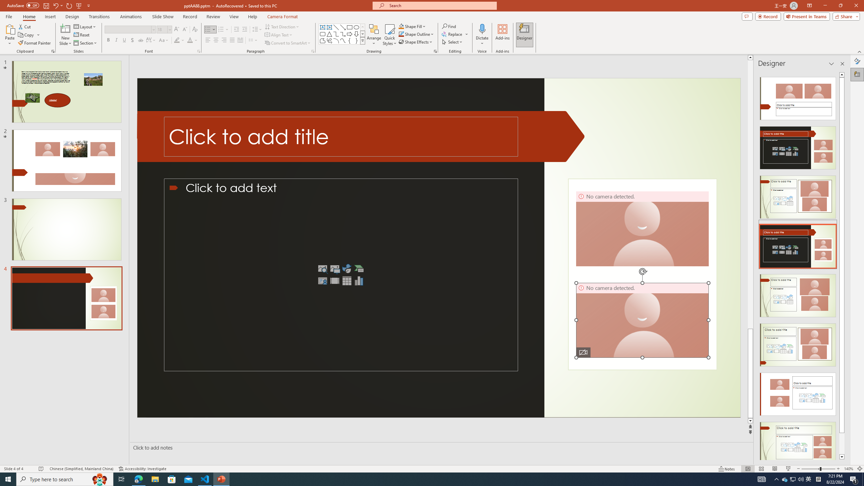 The image size is (864, 486). I want to click on 'Dictate', so click(482, 35).